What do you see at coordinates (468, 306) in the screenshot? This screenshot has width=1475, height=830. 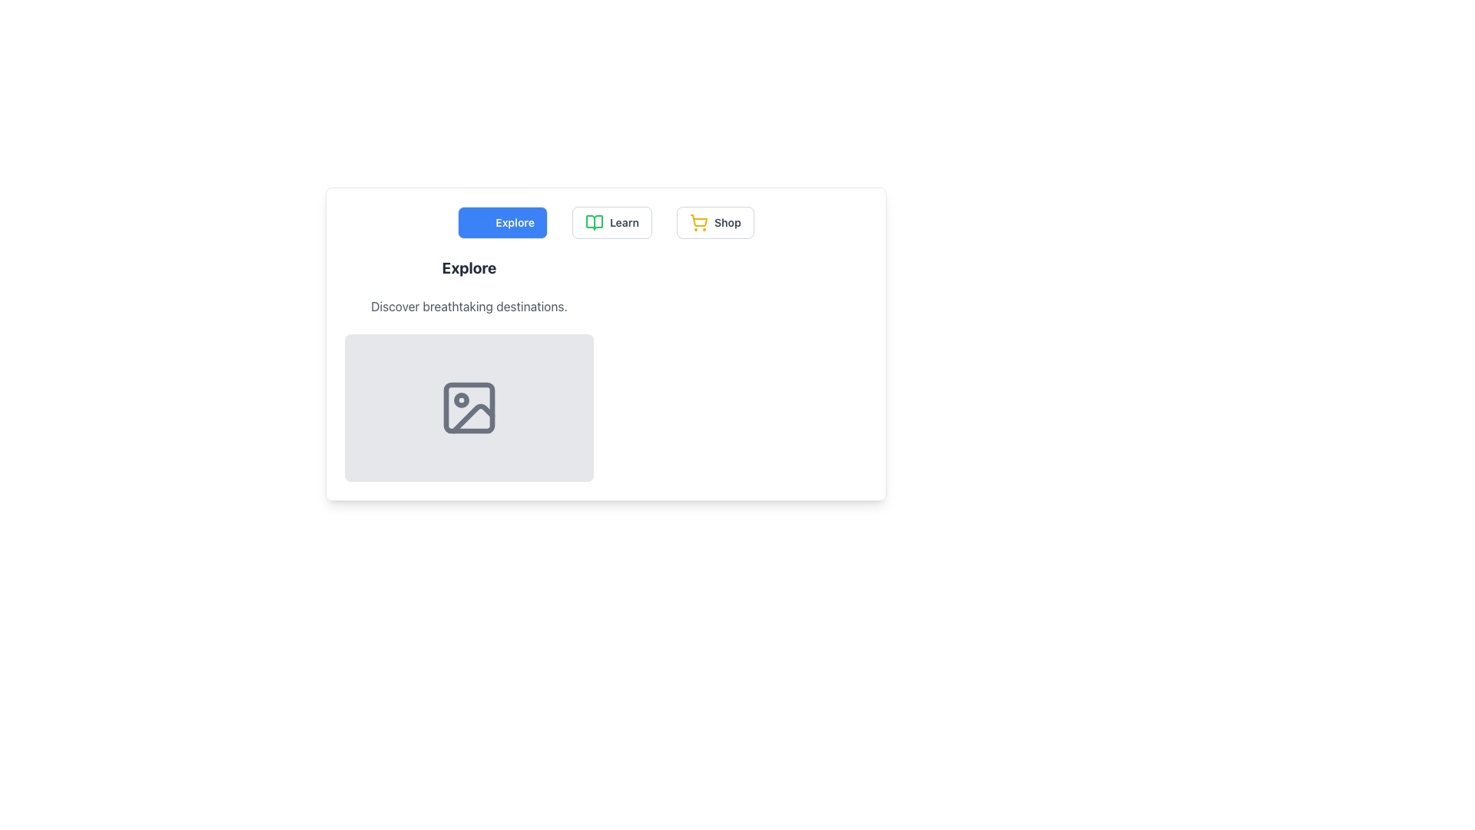 I see `the subtitle text element located beneath the title 'Explore' and above the gray placeholder image` at bounding box center [468, 306].